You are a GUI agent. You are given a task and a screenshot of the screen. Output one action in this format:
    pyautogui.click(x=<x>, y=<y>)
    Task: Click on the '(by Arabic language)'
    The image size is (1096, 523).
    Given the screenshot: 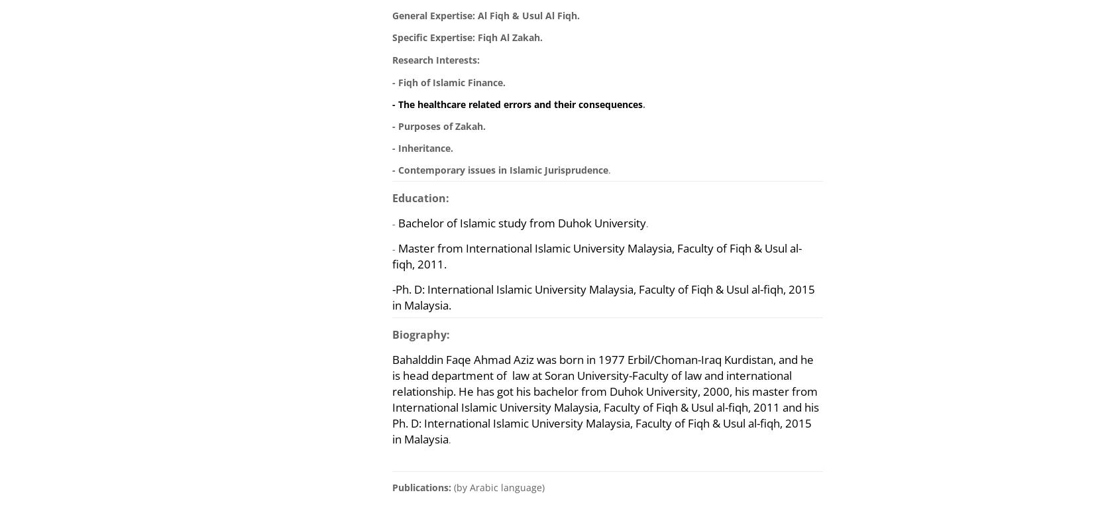 What is the action you would take?
    pyautogui.click(x=499, y=487)
    